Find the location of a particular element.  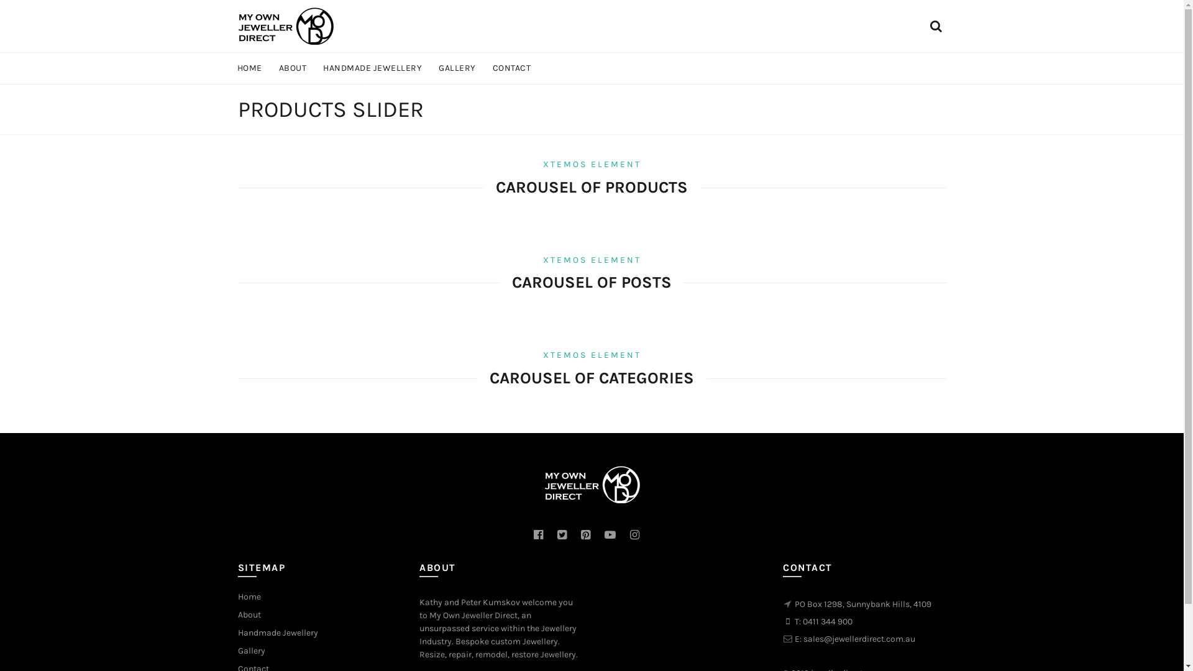

'Handmade Jewellery' is located at coordinates (277, 632).